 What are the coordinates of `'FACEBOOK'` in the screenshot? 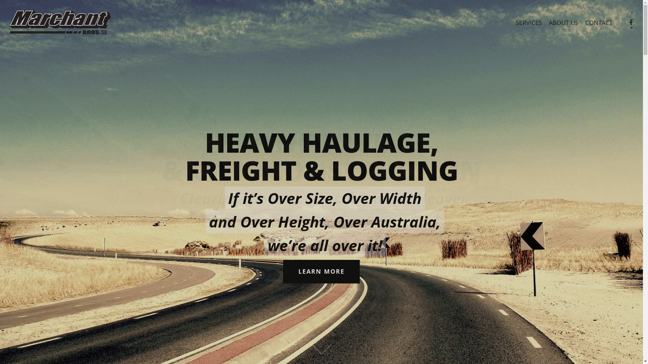 It's located at (630, 22).